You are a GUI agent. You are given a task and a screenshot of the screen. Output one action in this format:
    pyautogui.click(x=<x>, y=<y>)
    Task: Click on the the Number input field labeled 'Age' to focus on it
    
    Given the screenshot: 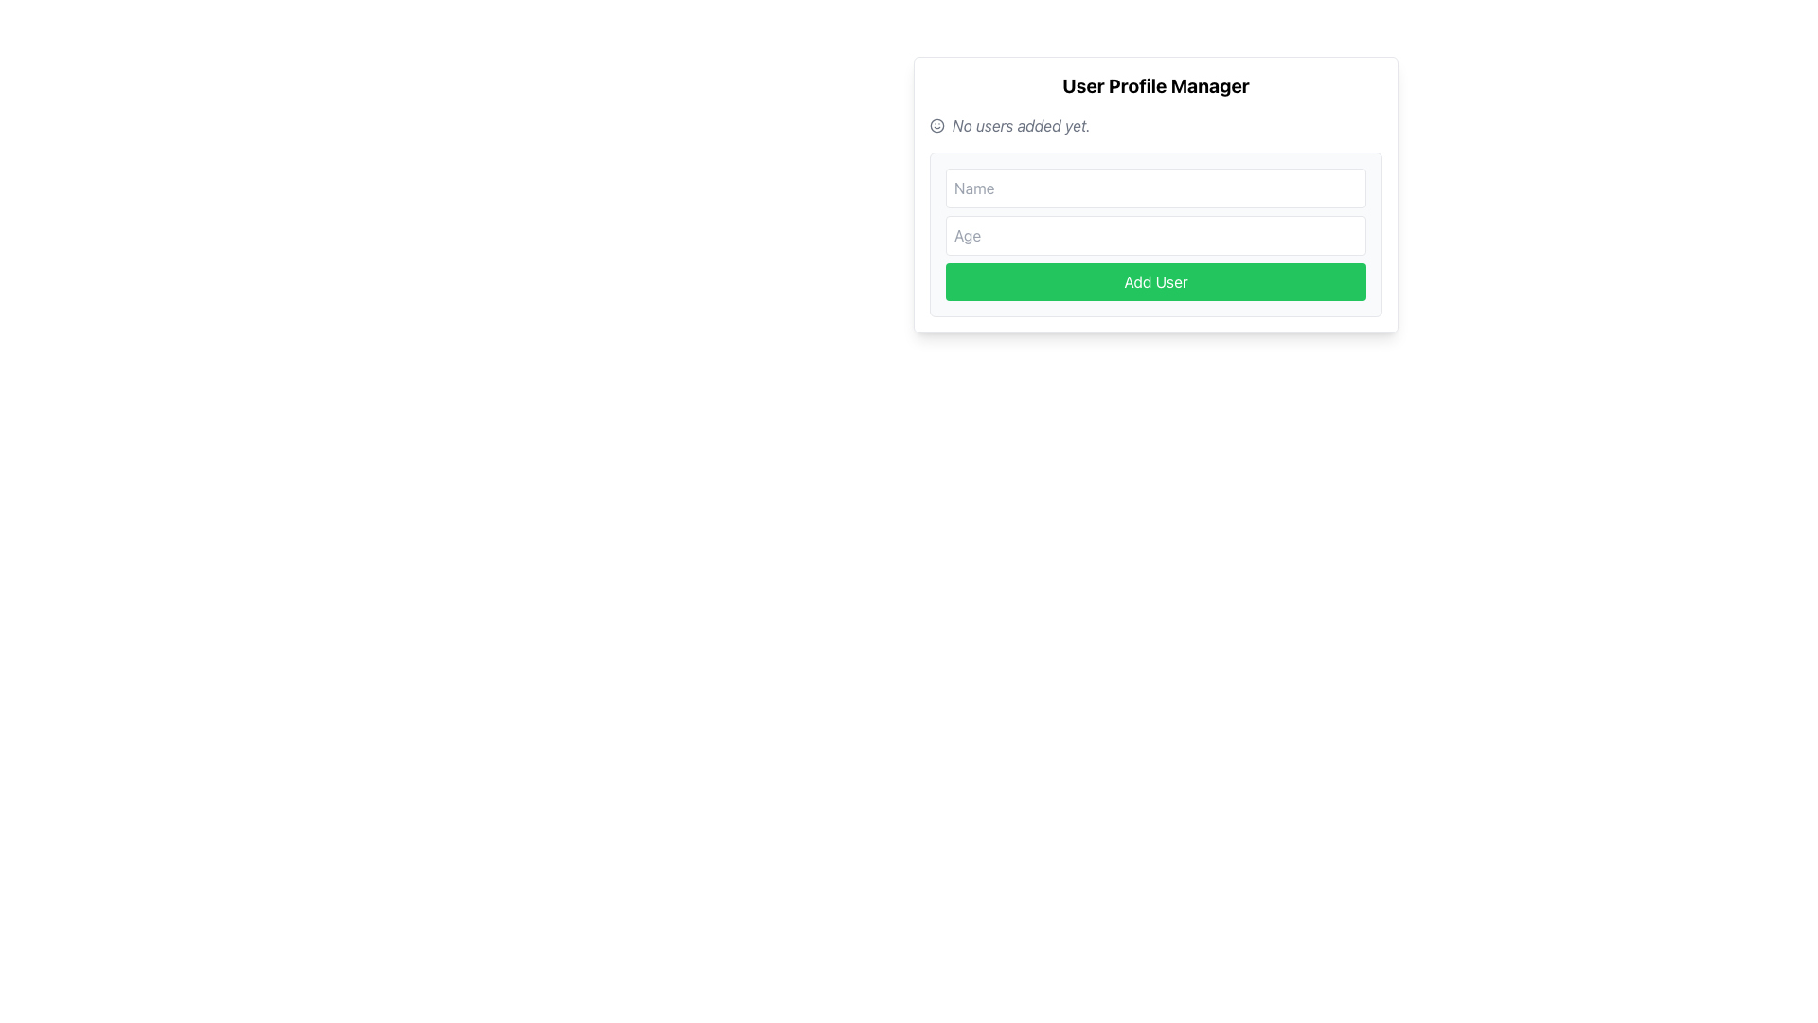 What is the action you would take?
    pyautogui.click(x=1154, y=235)
    